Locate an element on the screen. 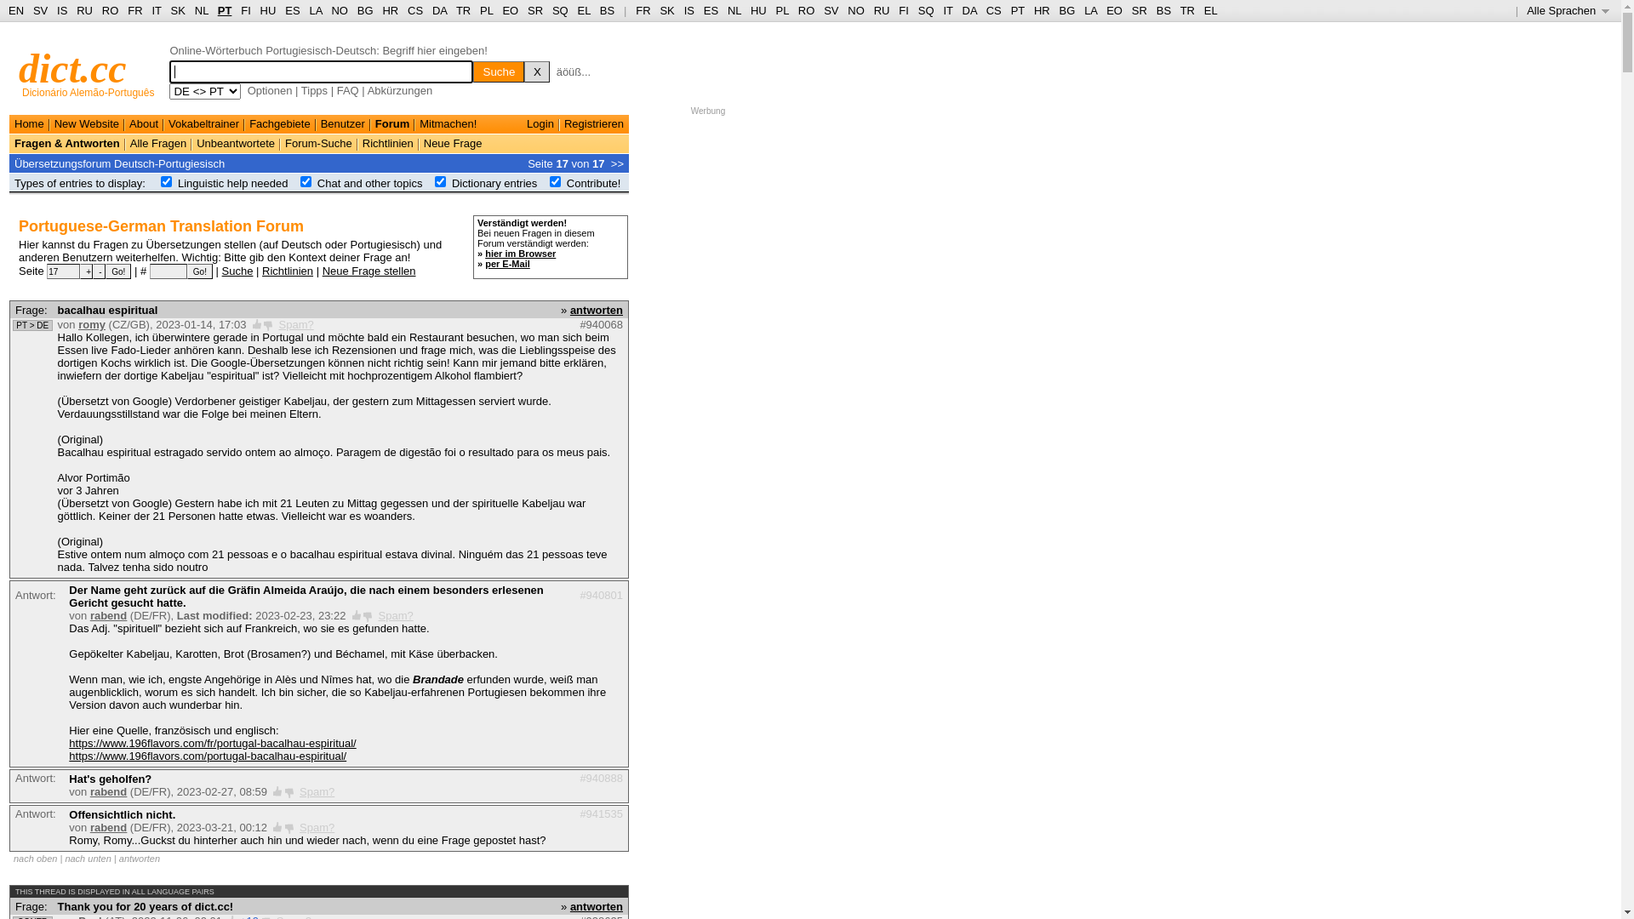  'FR' is located at coordinates (635, 10).